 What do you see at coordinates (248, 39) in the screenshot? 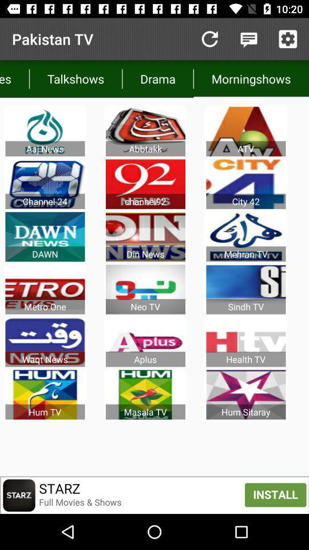
I see `send message` at bounding box center [248, 39].